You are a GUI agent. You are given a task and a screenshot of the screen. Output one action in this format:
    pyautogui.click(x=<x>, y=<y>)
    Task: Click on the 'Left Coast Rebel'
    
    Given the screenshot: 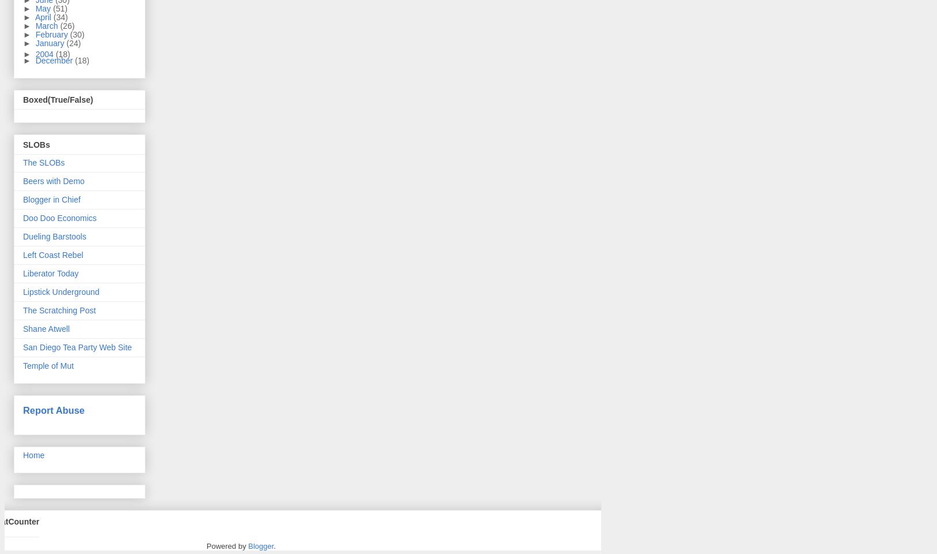 What is the action you would take?
    pyautogui.click(x=53, y=254)
    